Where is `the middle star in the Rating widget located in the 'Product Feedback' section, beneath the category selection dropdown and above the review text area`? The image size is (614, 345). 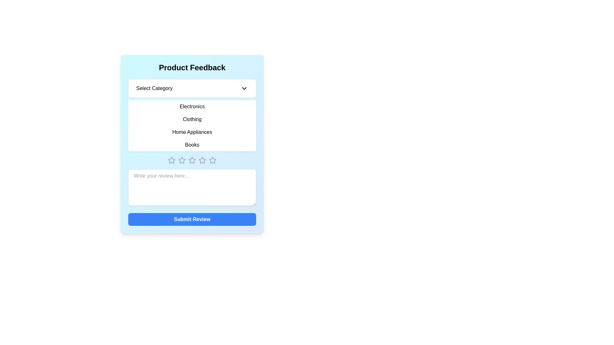
the middle star in the Rating widget located in the 'Product Feedback' section, beneath the category selection dropdown and above the review text area is located at coordinates (192, 160).